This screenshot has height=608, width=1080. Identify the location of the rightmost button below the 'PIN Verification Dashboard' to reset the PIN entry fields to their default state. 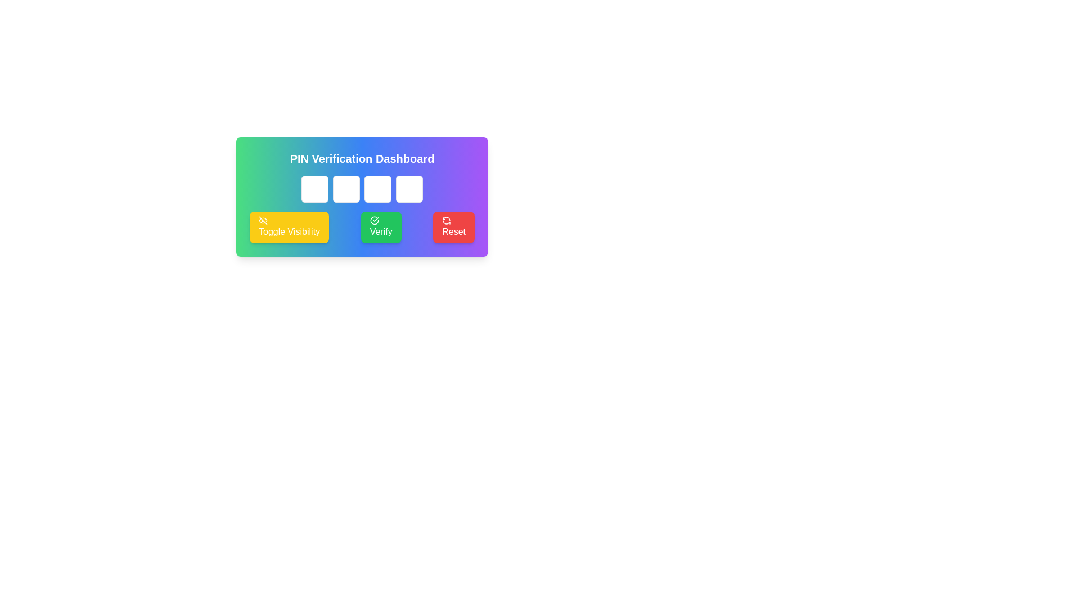
(454, 227).